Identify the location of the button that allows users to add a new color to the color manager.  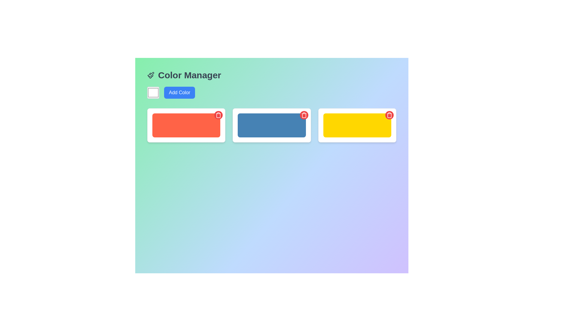
(179, 92).